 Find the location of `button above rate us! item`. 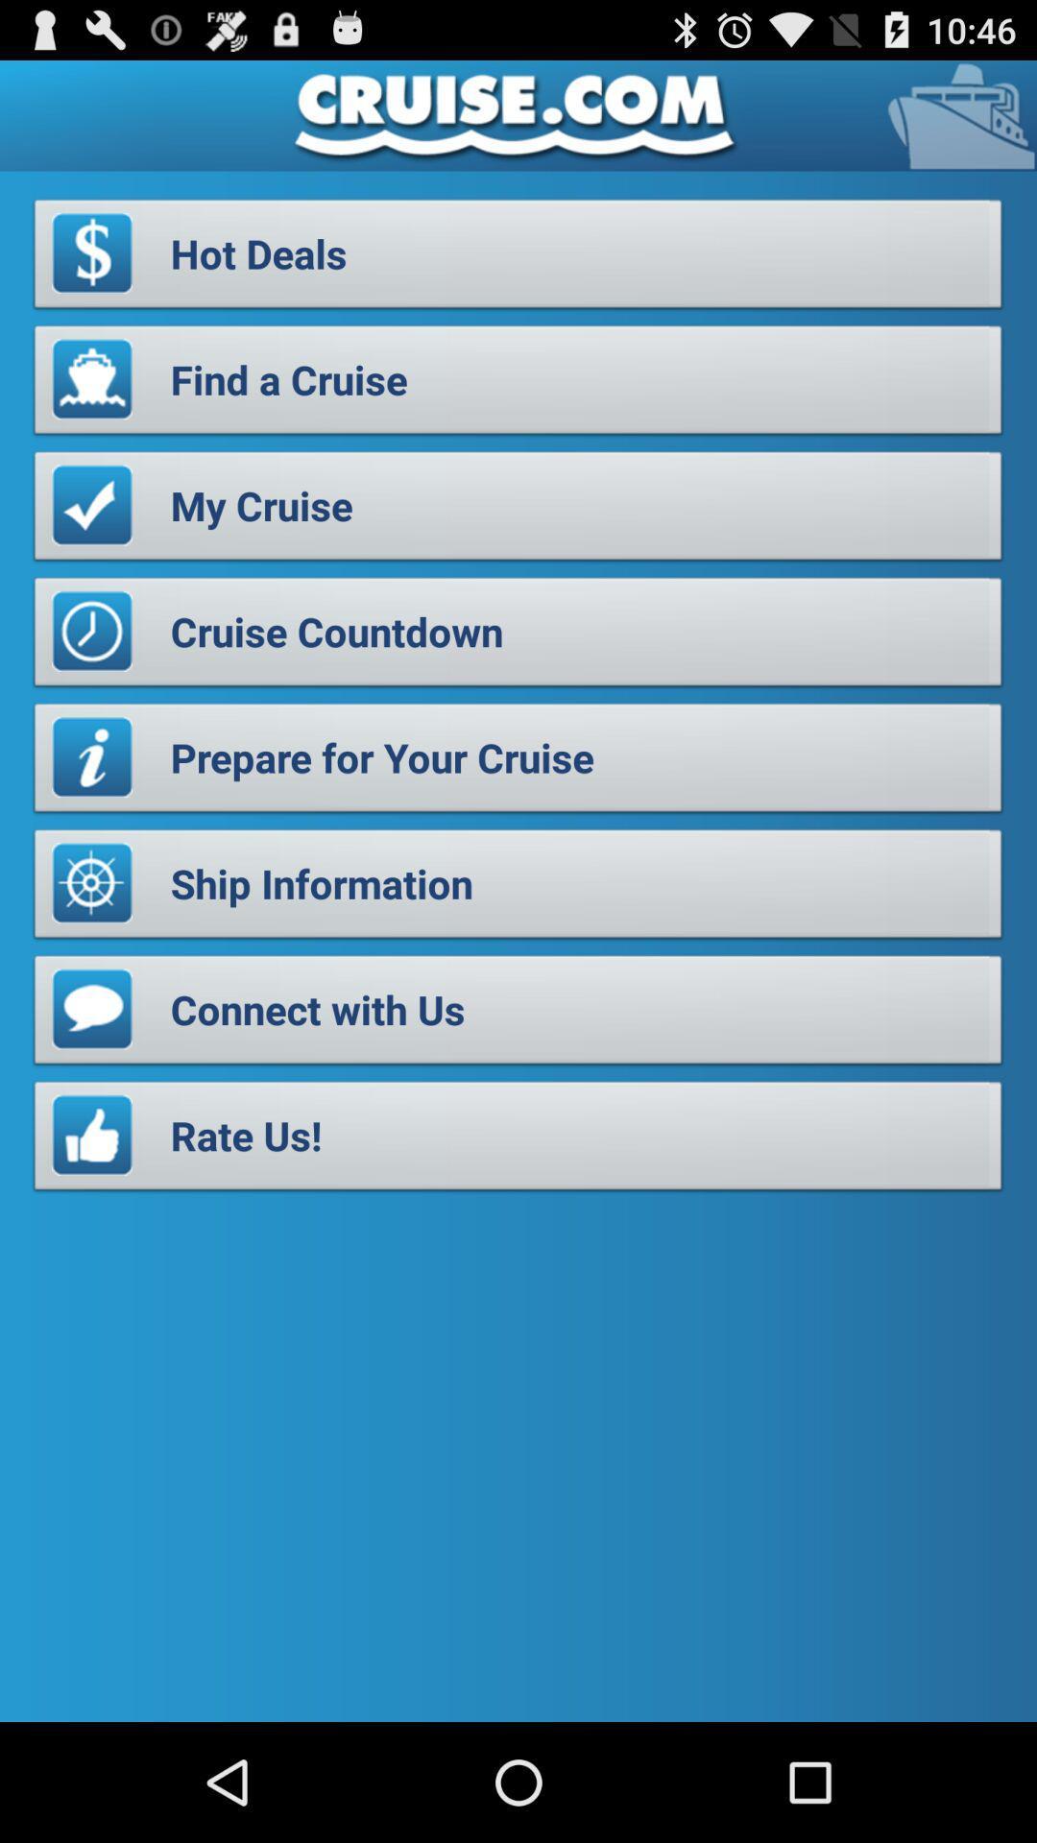

button above rate us! item is located at coordinates (518, 1014).